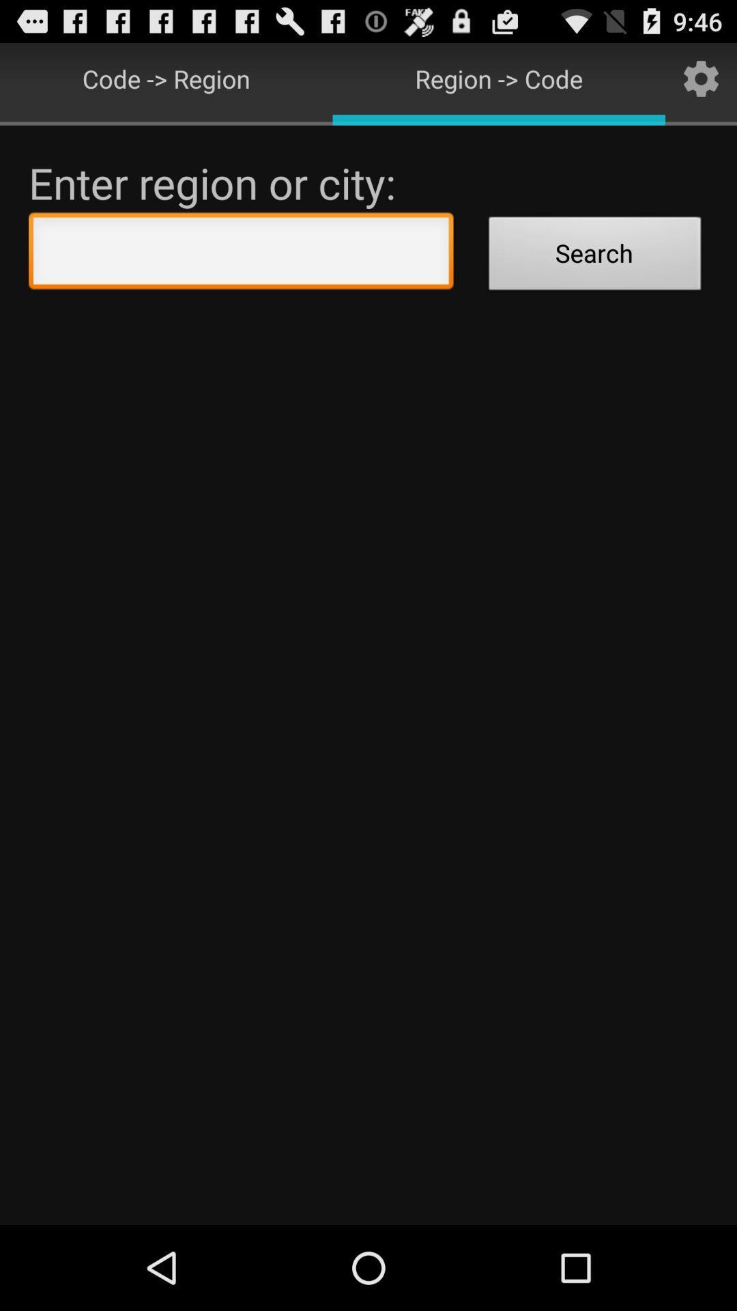 Image resolution: width=737 pixels, height=1311 pixels. What do you see at coordinates (240, 254) in the screenshot?
I see `the icon below enter region or icon` at bounding box center [240, 254].